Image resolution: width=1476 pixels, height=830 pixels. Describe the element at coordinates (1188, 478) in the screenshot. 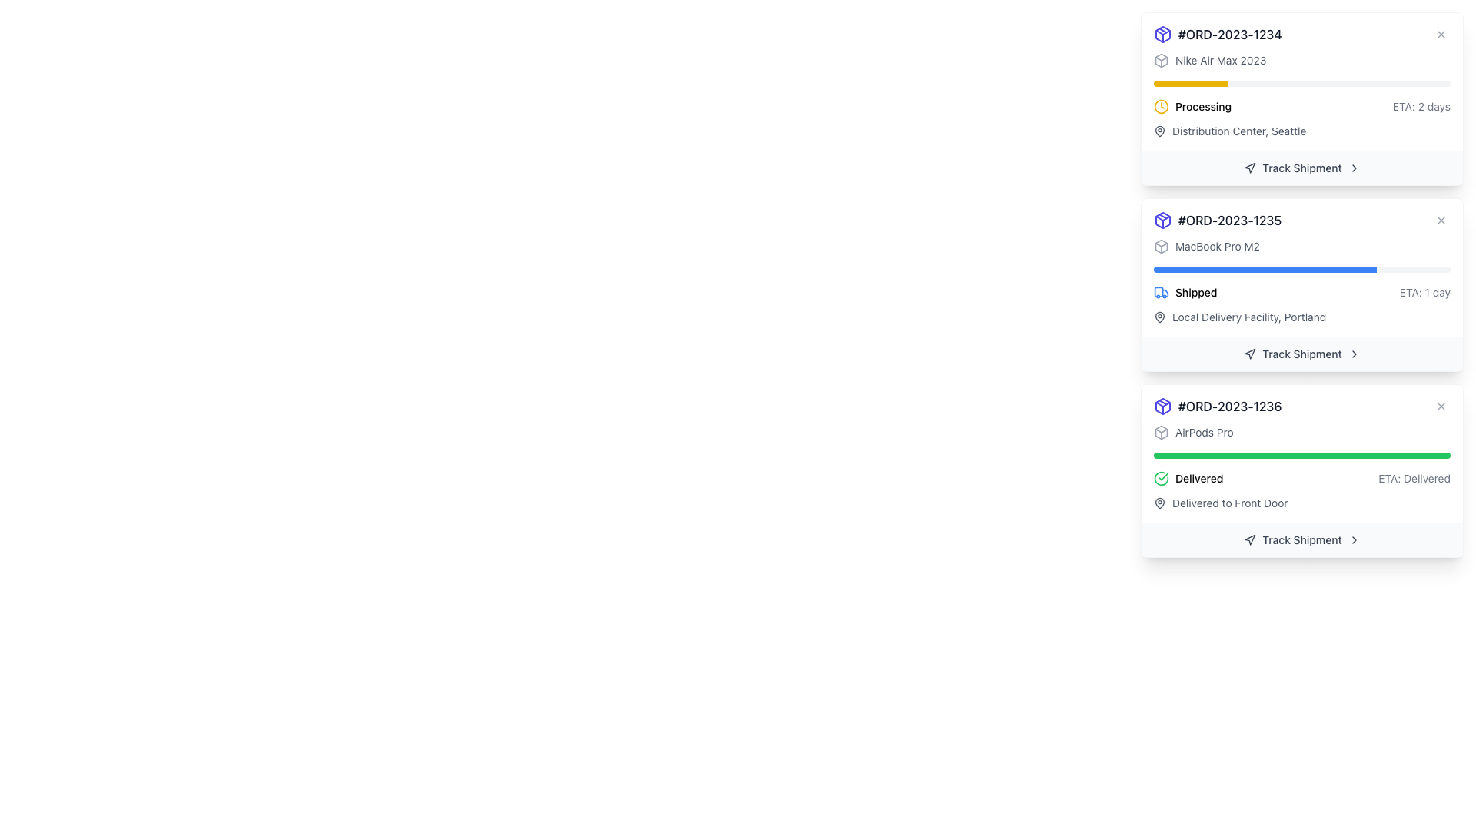

I see `the status update displayed by the green circular checkmark icon and the bold, capitalized text 'Delivered' located at the left side of the delivery status row` at that location.